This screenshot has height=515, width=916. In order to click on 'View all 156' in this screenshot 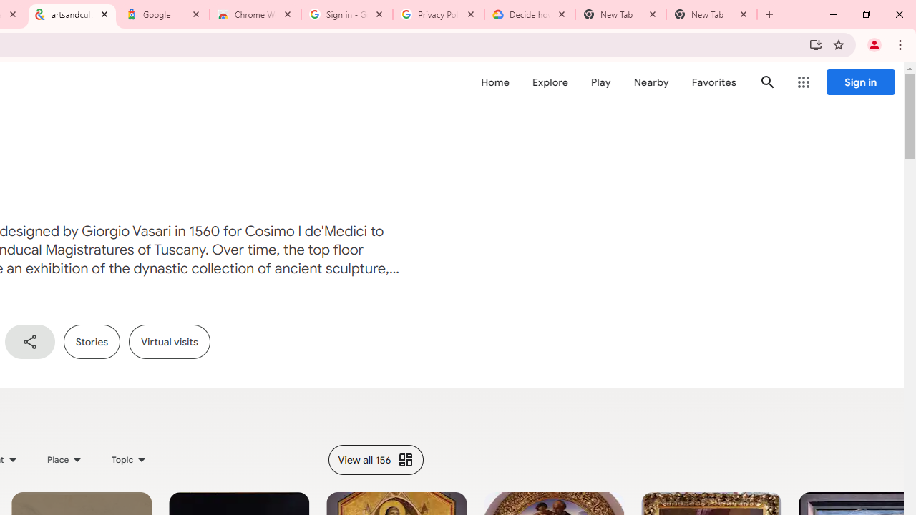, I will do `click(376, 459)`.